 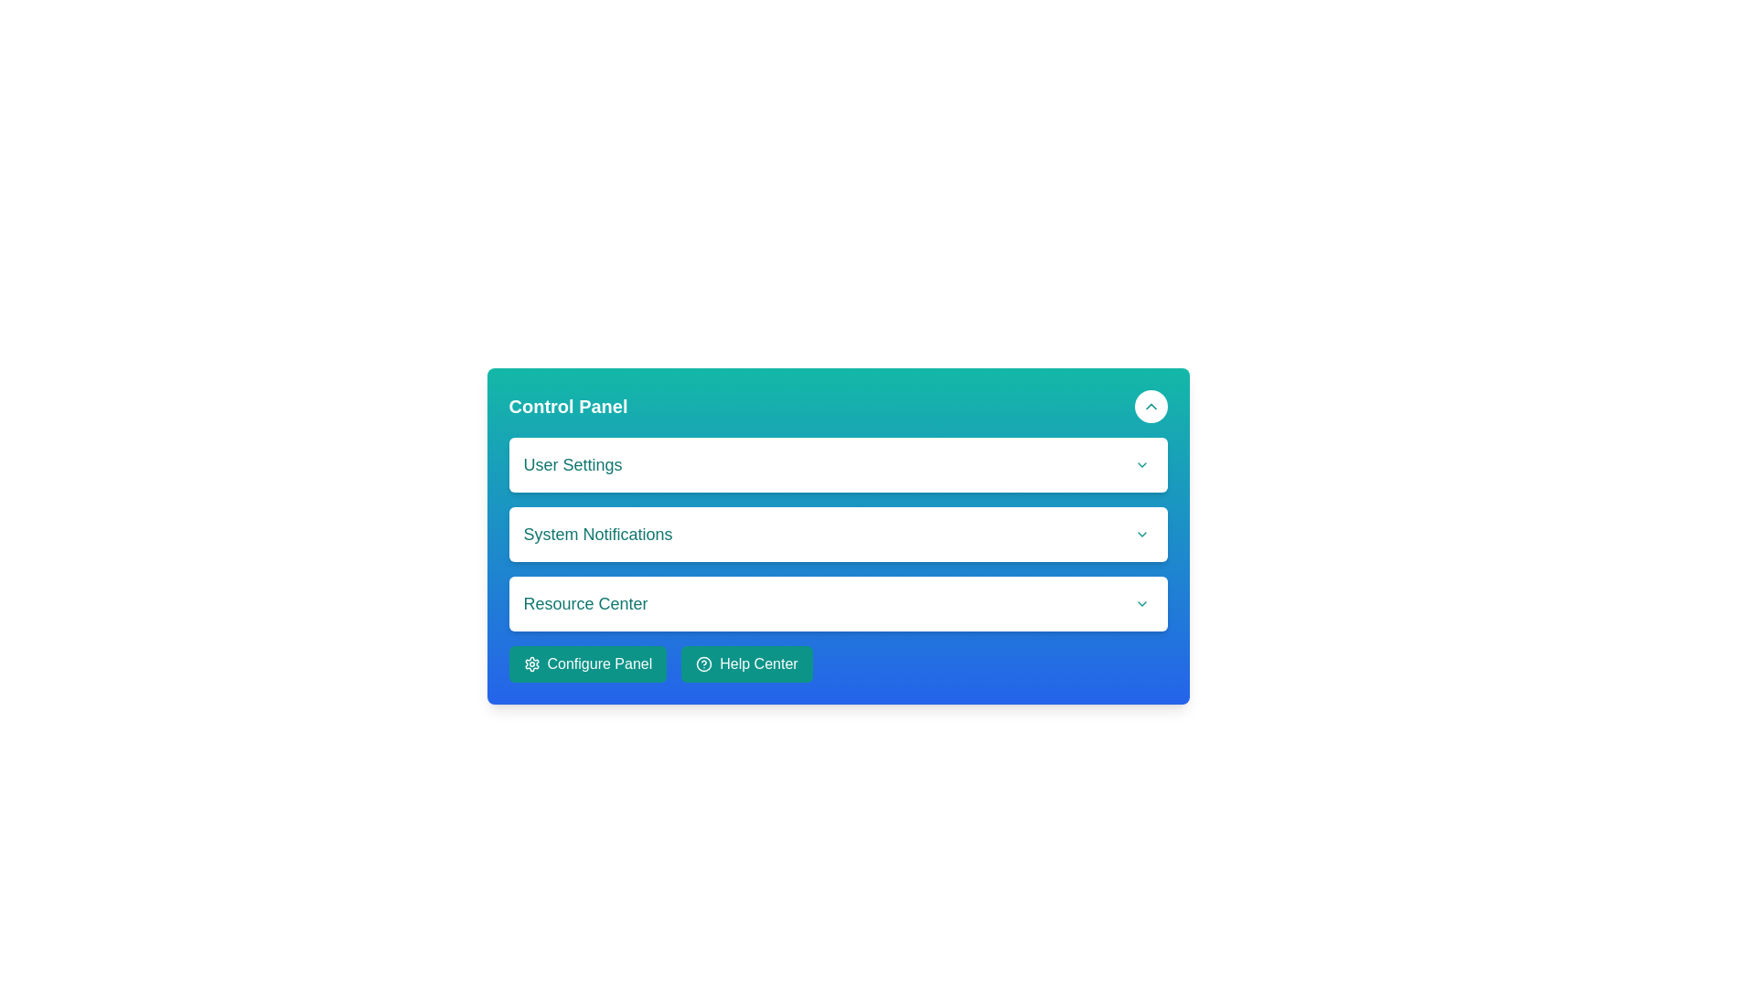 I want to click on the downward-pointing chevron icon located in the bottom-right corner of the 'Resource Center' section within the 'Control Panel' interface, so click(x=1140, y=603).